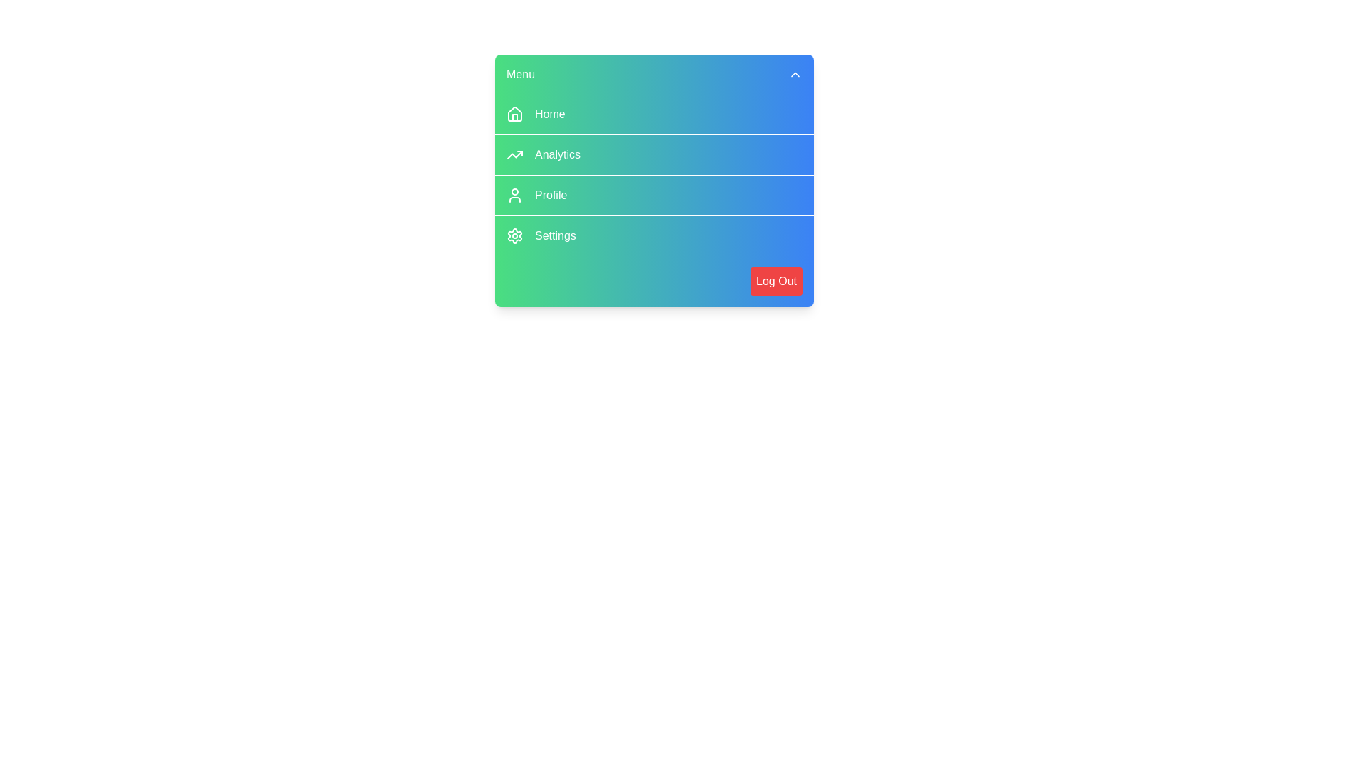 The width and height of the screenshot is (1366, 768). Describe the element at coordinates (654, 114) in the screenshot. I see `the menu item Home to navigate` at that location.